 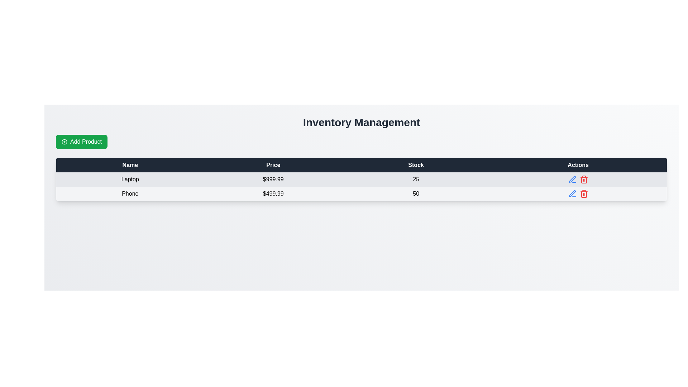 What do you see at coordinates (416, 179) in the screenshot?
I see `the Text label that displays the stock count of the 'Laptop' item in the inventory table, located in the third column of the first row under the 'Stock' header` at bounding box center [416, 179].